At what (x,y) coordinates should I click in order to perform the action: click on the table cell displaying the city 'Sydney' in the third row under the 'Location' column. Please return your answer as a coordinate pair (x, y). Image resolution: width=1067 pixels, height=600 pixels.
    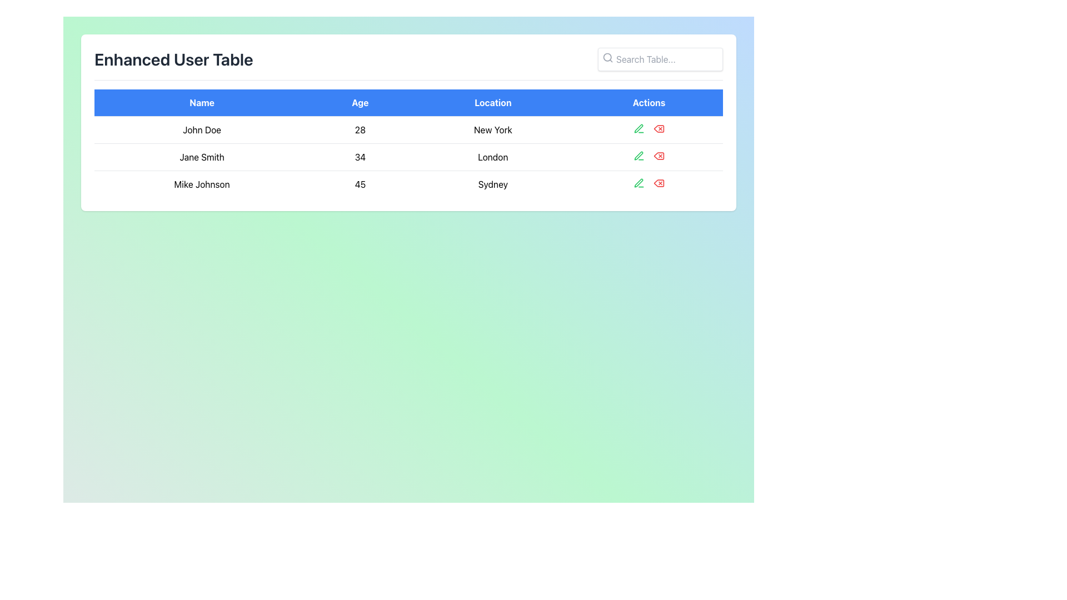
    Looking at the image, I should click on (492, 183).